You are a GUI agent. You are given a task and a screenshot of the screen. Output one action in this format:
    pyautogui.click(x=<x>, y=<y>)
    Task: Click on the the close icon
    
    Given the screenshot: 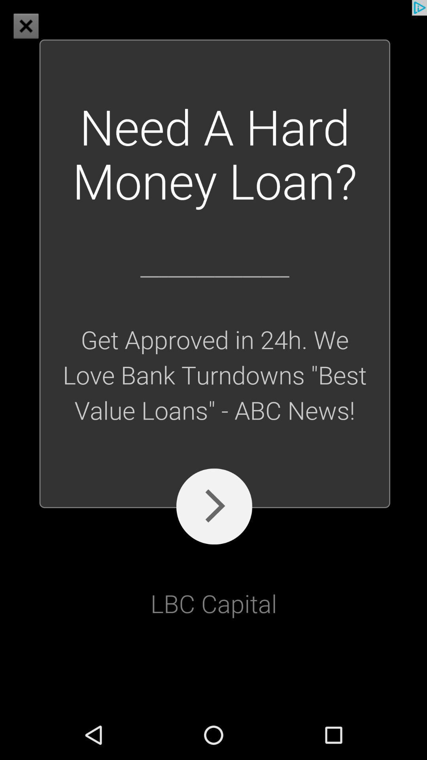 What is the action you would take?
    pyautogui.click(x=25, y=28)
    